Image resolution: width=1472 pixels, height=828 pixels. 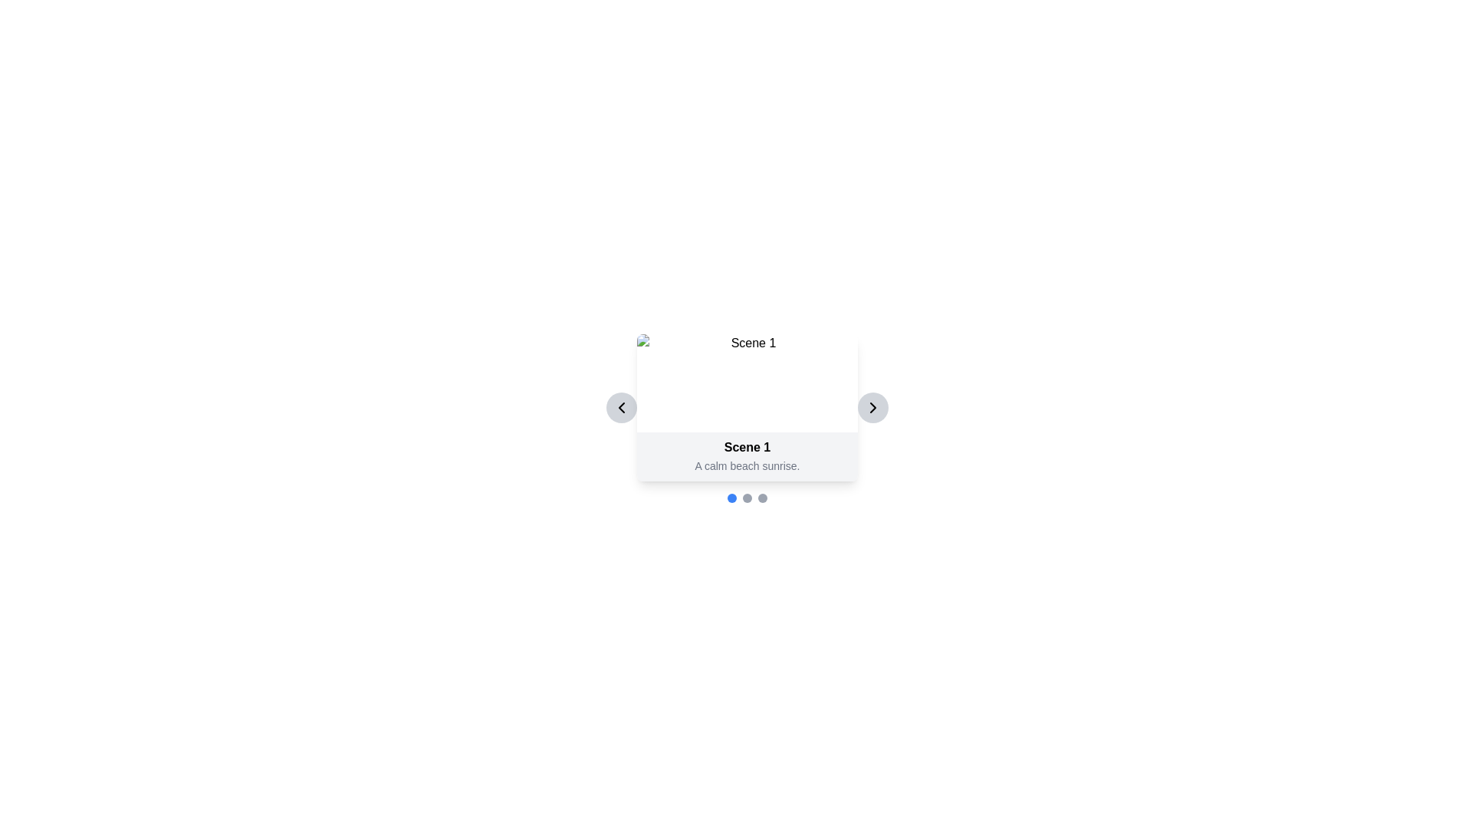 I want to click on the second pagination indicator dot at the bottom center of the content carousel, so click(x=747, y=498).